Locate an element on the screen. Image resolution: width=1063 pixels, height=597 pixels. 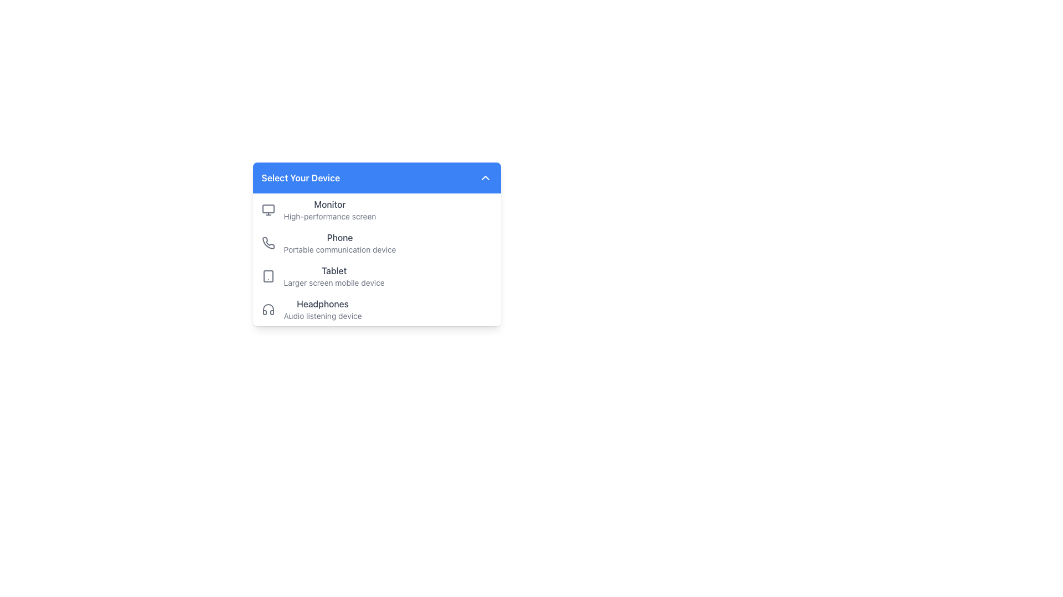
the text label element that reads 'Audio listening device', which is styled in a smaller font size and gray color, positioned beneath the 'Headphones' label is located at coordinates (322, 316).